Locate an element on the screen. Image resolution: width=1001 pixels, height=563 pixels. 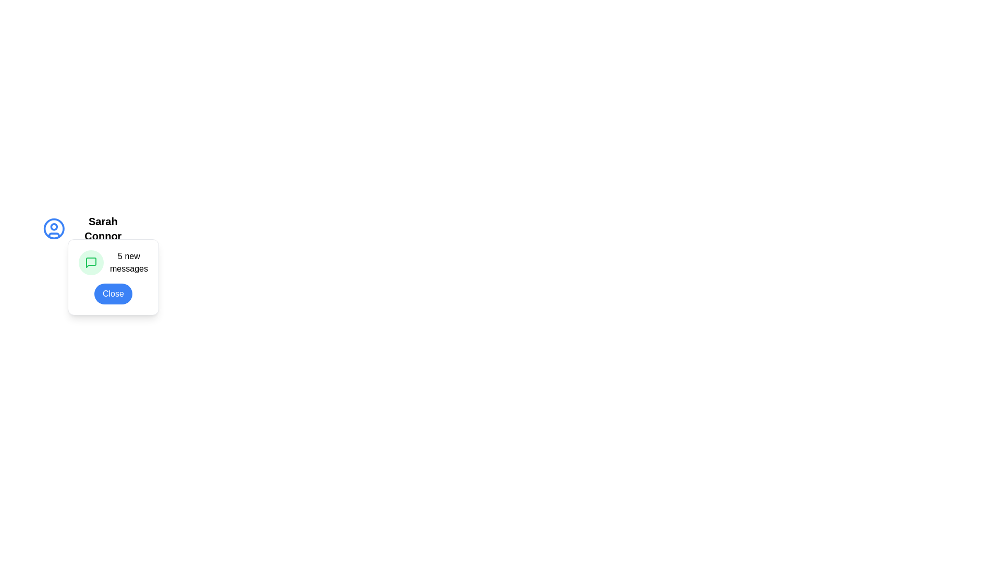
the user profile icon, which is a blue circular outline with a smaller head shape and shoulders, located to the left of the text 'Sarah Connor' is located at coordinates (53, 228).